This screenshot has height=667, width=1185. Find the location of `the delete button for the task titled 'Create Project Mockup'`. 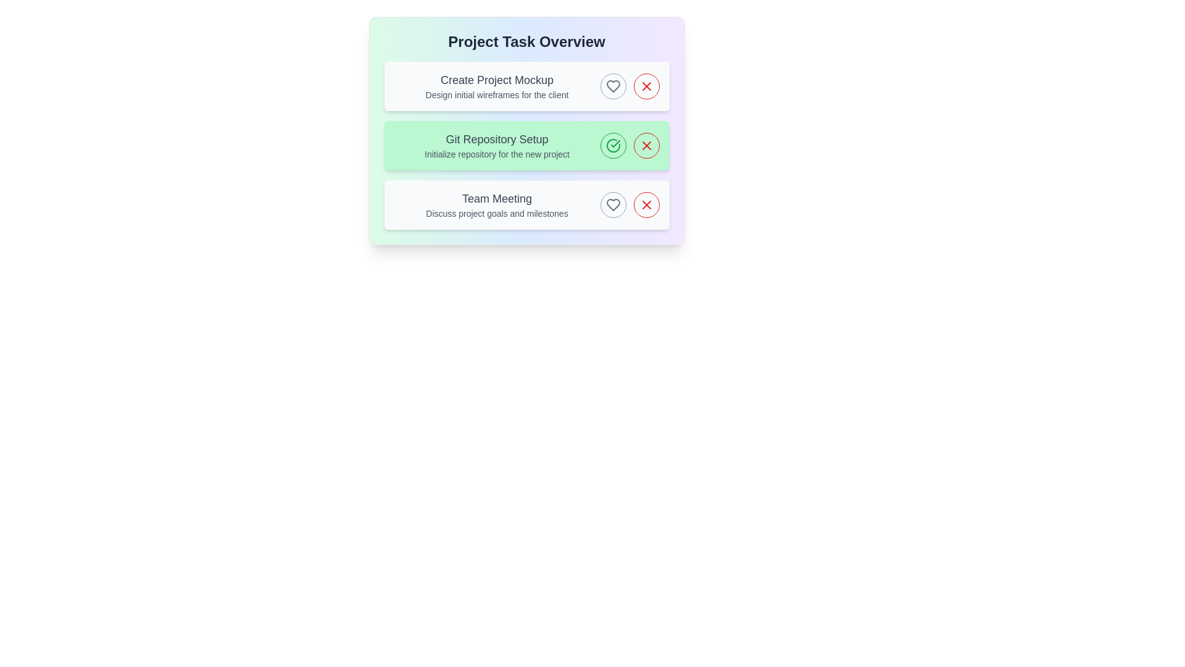

the delete button for the task titled 'Create Project Mockup' is located at coordinates (646, 85).